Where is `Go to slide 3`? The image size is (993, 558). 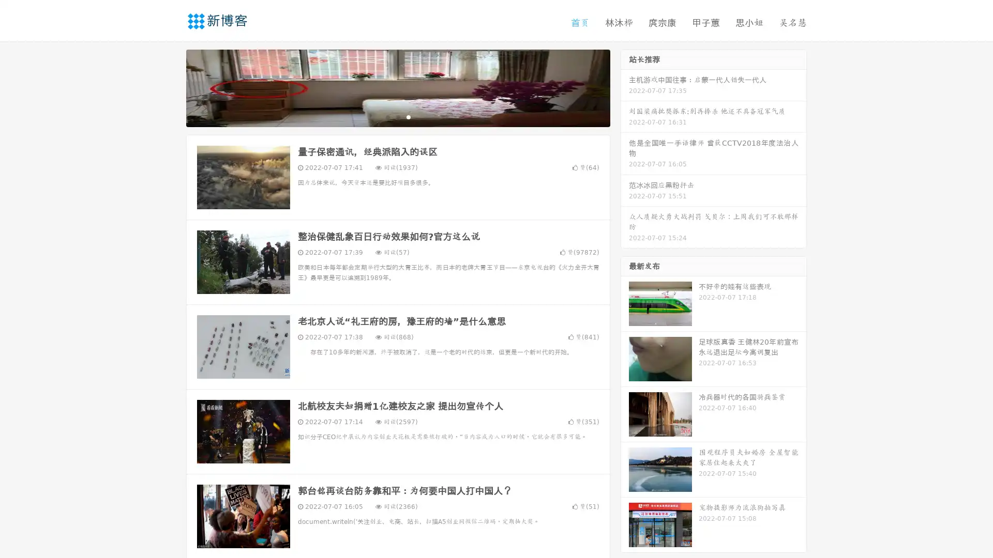
Go to slide 3 is located at coordinates (408, 116).